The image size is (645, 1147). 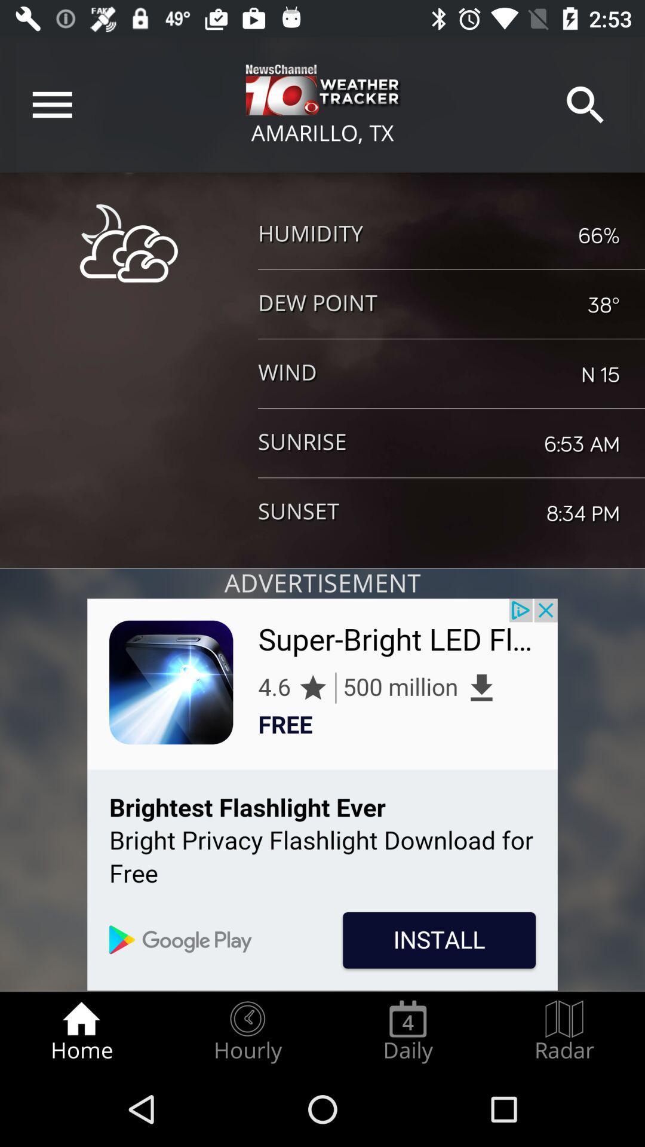 I want to click on radar item, so click(x=564, y=1031).